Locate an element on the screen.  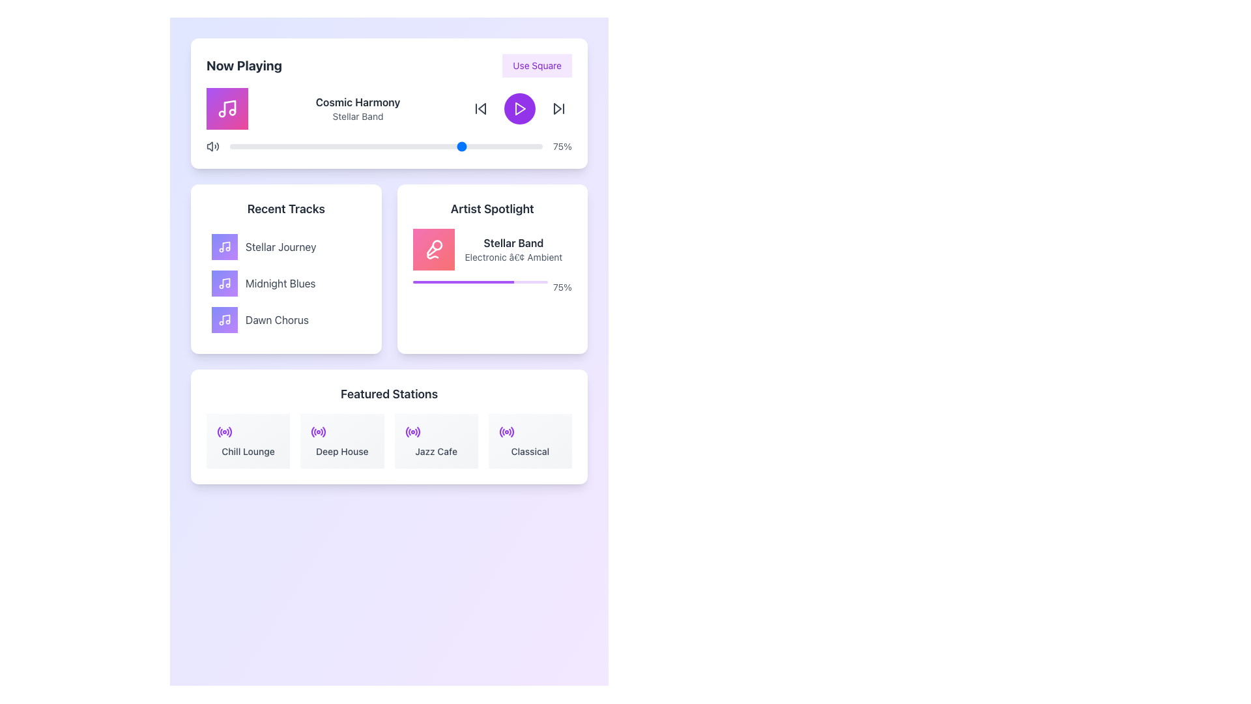
the first arc of the concentric semi-circles in the 'Featured Stations' section of the SVG graphic is located at coordinates (219, 432).